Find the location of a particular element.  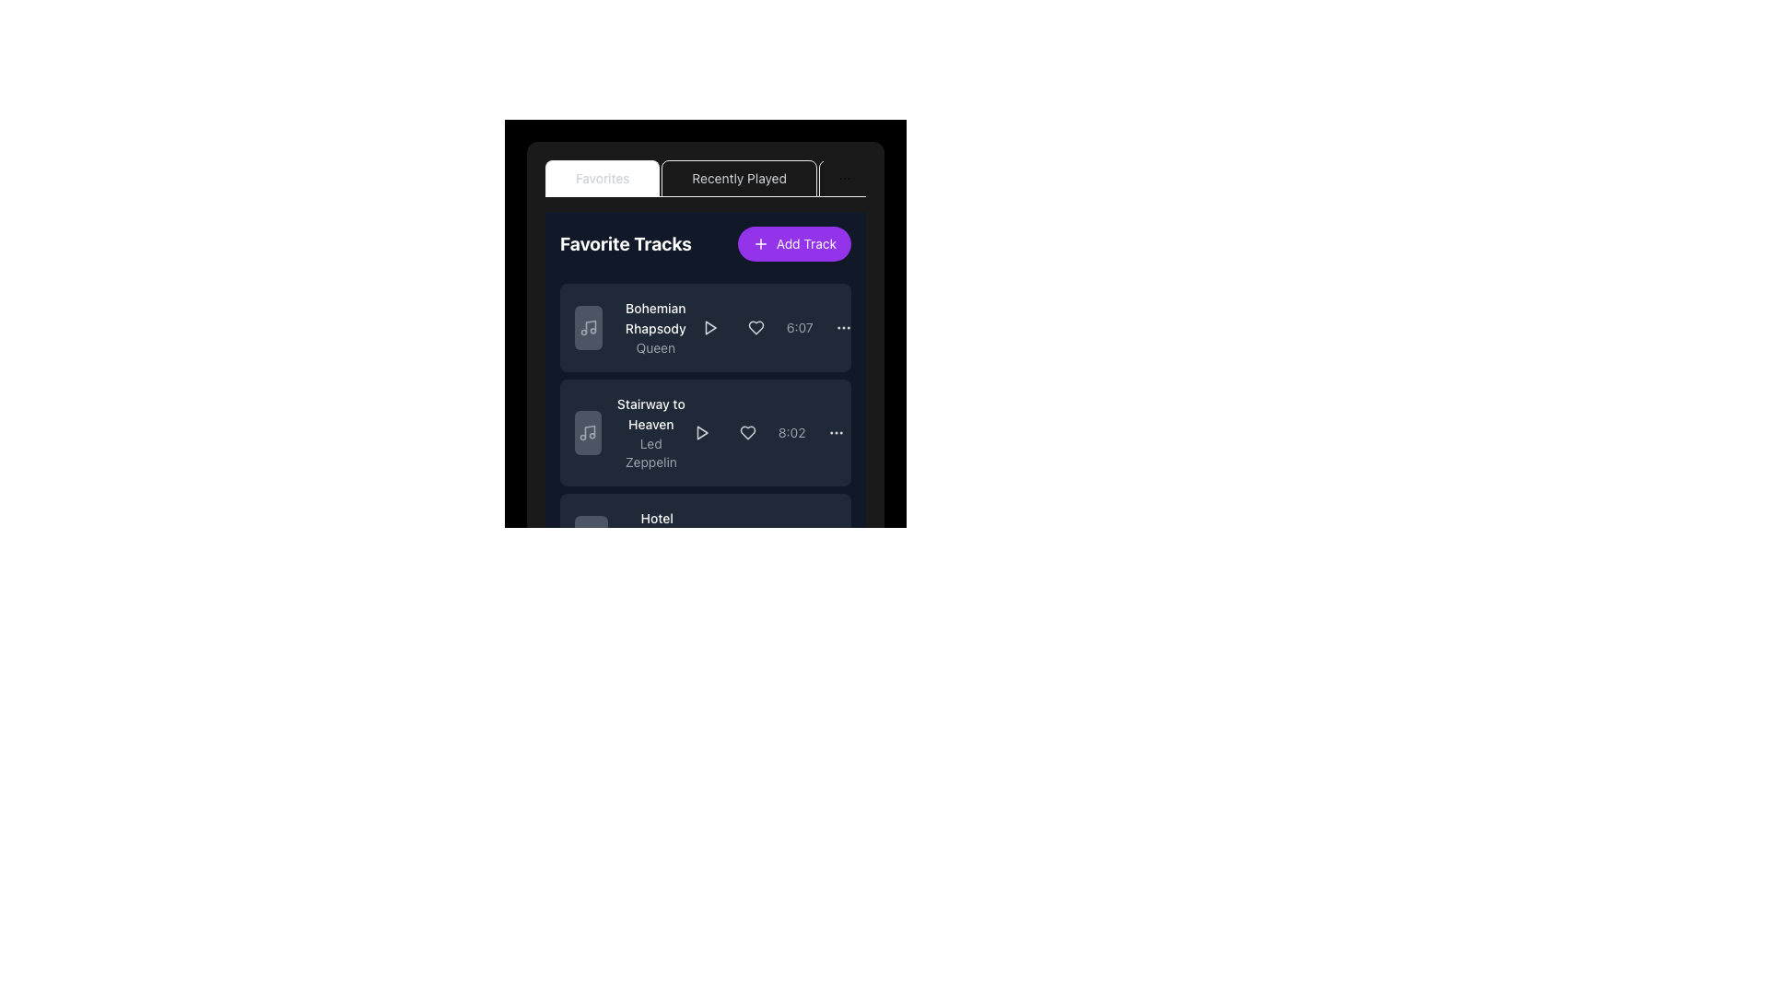

the text label 'Hotel California' in the 'Favorite Tracks' section is located at coordinates (657, 529).